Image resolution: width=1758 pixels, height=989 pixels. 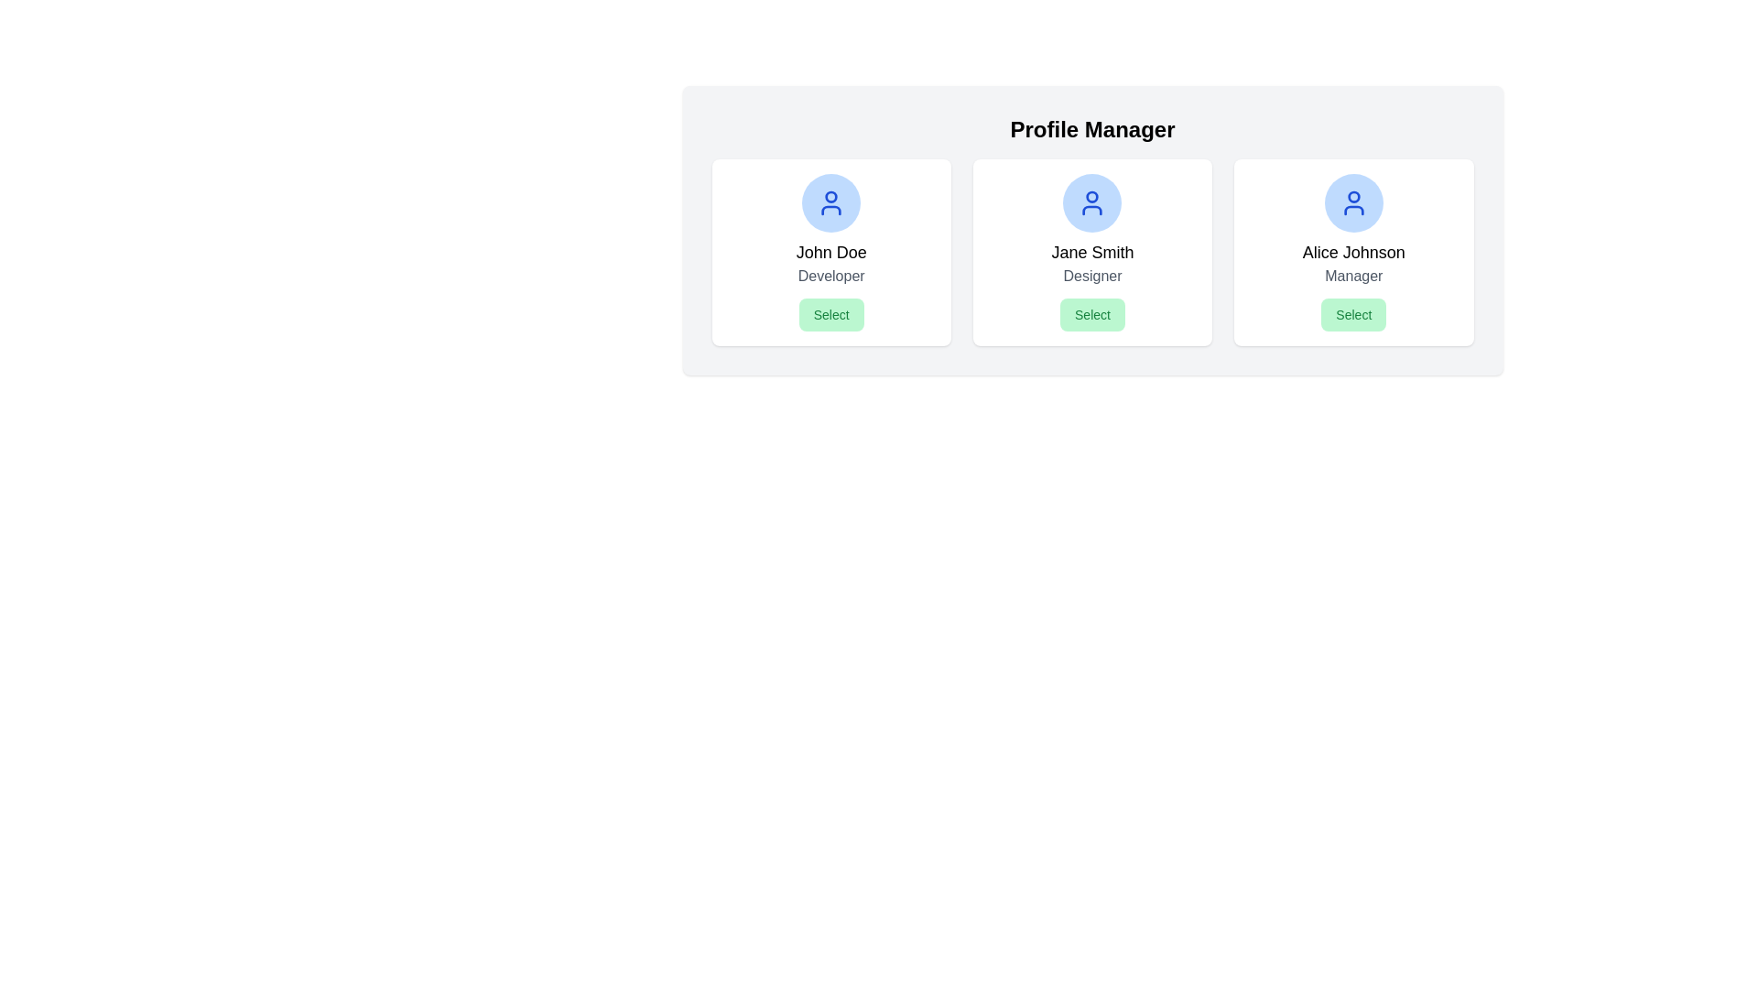 What do you see at coordinates (1092, 129) in the screenshot?
I see `the 'Profile Manager' text label, which serves as the header for the section, indicating the purpose of the page` at bounding box center [1092, 129].